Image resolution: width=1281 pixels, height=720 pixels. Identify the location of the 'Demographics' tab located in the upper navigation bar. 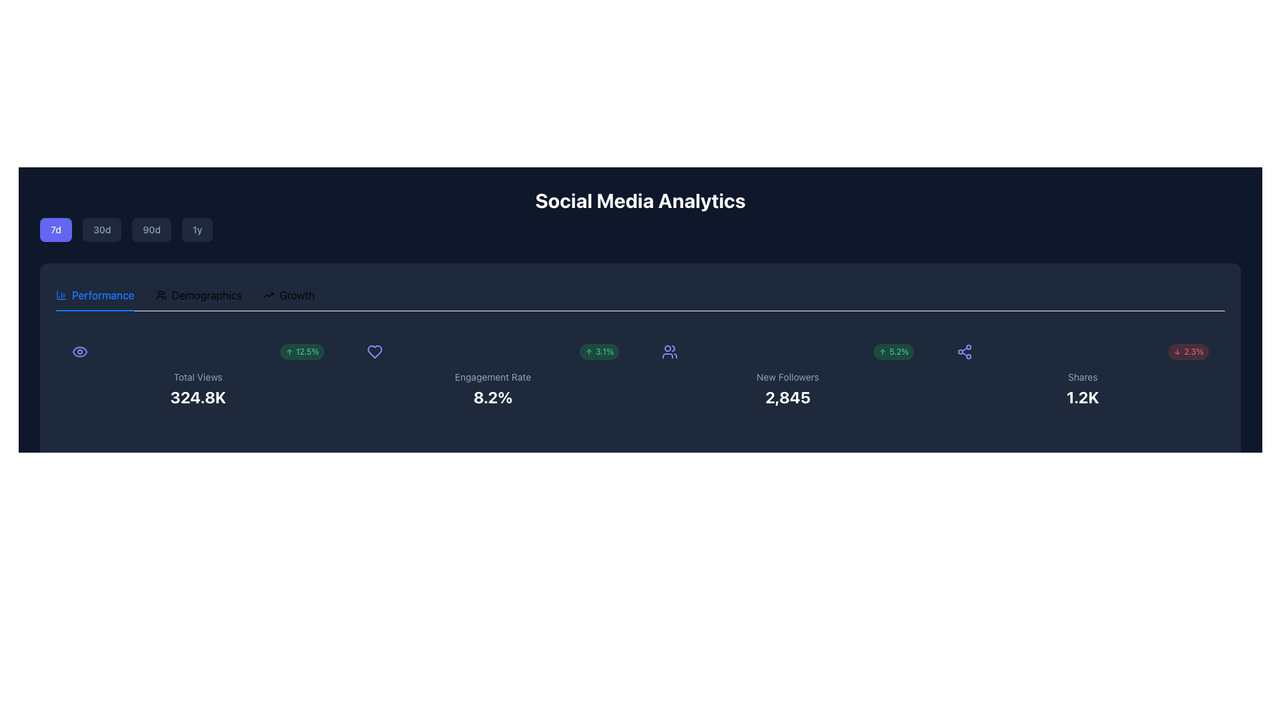
(198, 295).